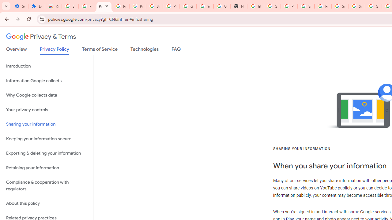 This screenshot has height=220, width=392. What do you see at coordinates (238, 6) in the screenshot?
I see `'New Tab'` at bounding box center [238, 6].